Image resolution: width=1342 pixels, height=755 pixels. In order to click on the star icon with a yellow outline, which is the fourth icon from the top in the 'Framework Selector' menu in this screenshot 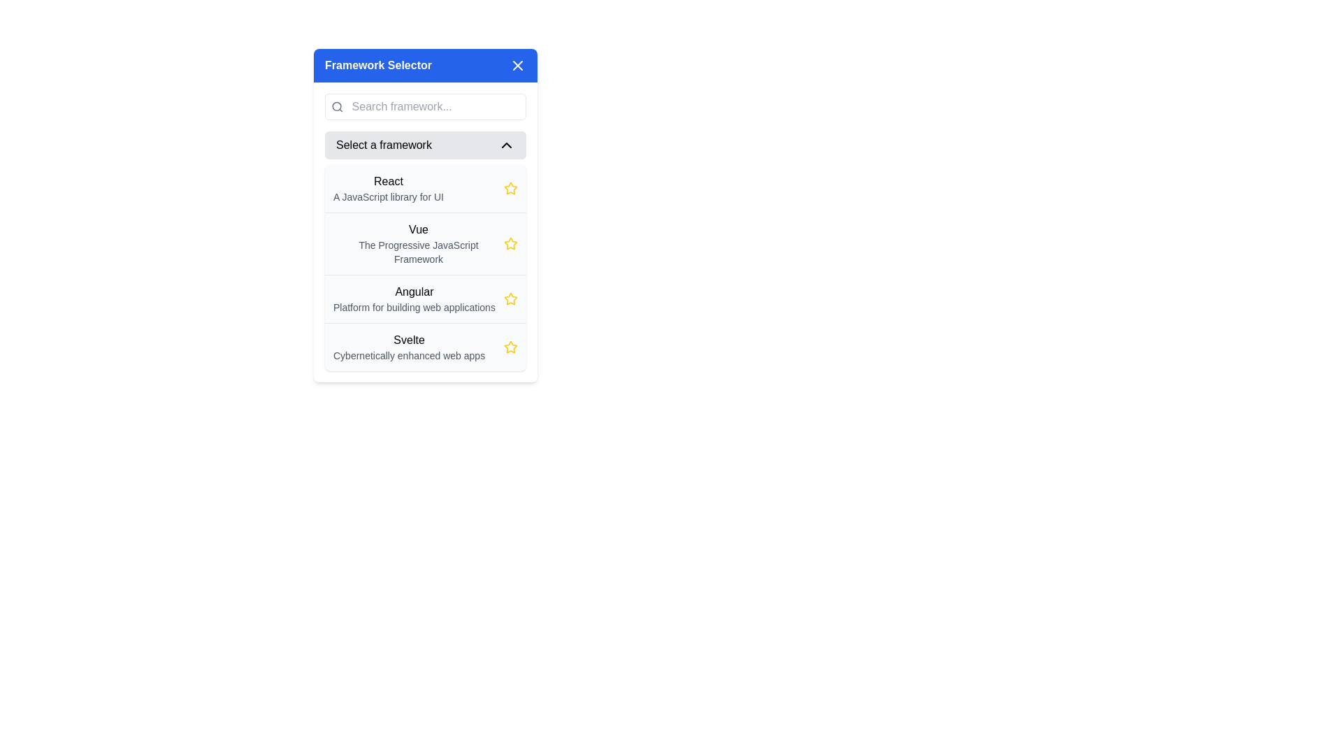, I will do `click(510, 299)`.